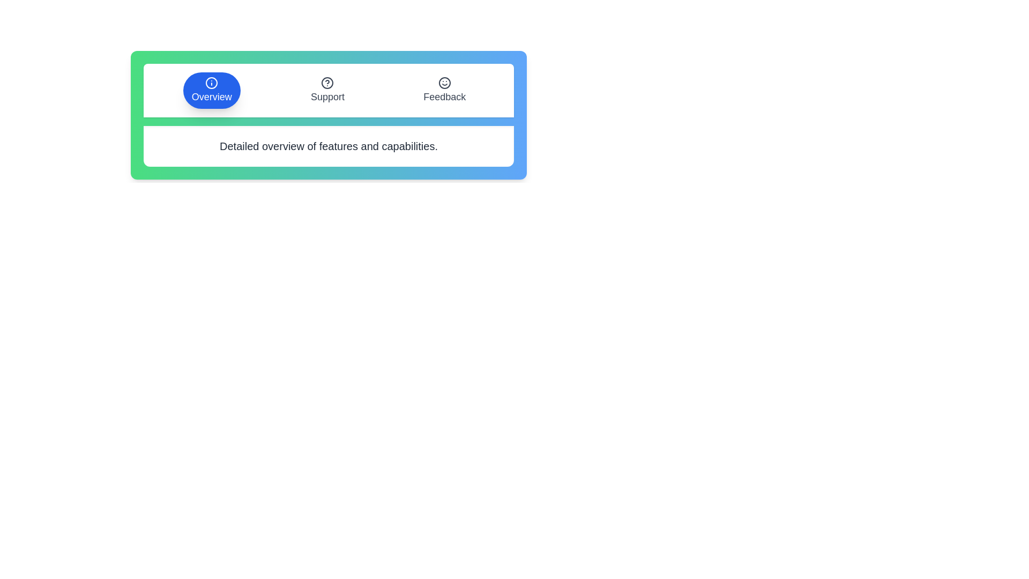  What do you see at coordinates (327, 90) in the screenshot?
I see `the tab labeled Support to observe its hover effect` at bounding box center [327, 90].